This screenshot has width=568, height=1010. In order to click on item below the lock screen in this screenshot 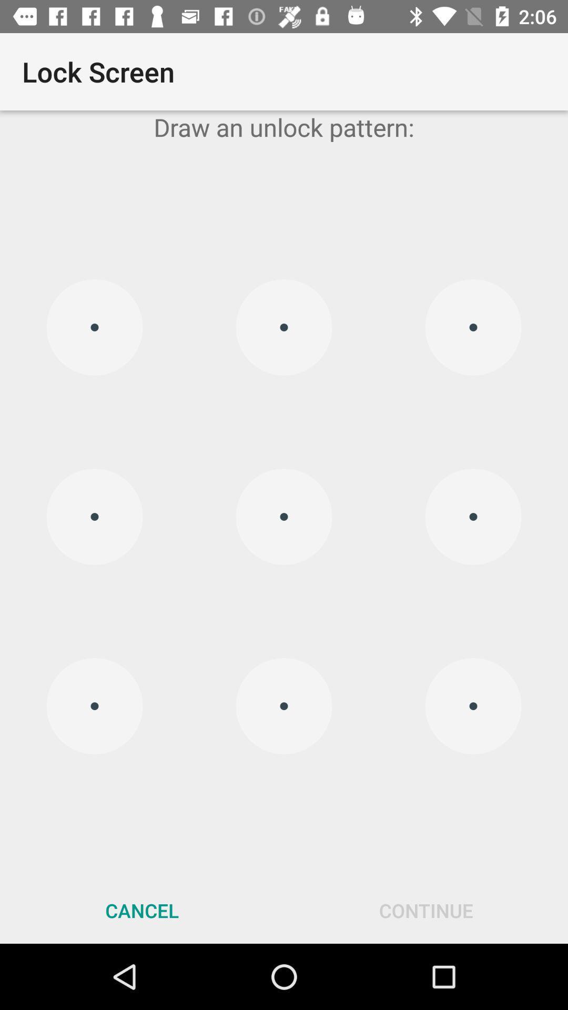, I will do `click(284, 126)`.